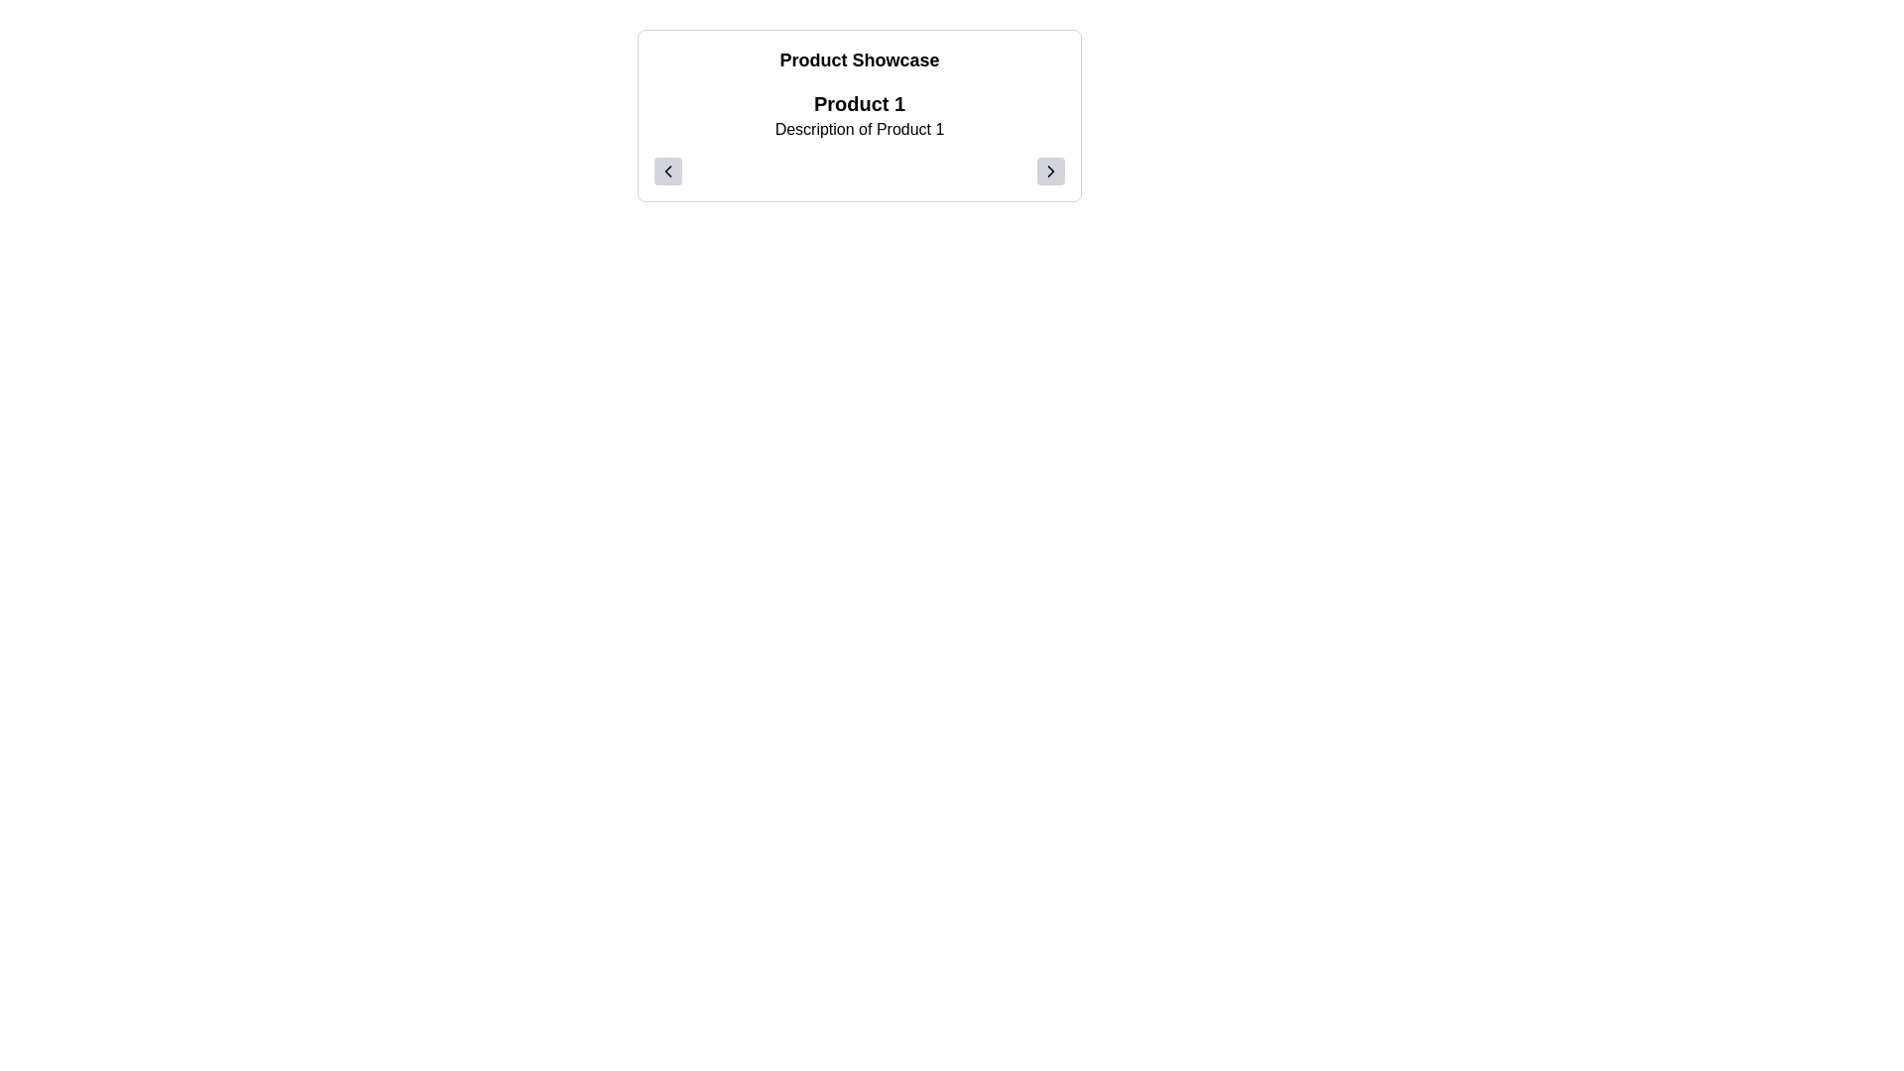 The image size is (1904, 1071). I want to click on the header text element indicating the product showcase content, which is centrally aligned above the 'Product 1' text, so click(860, 59).